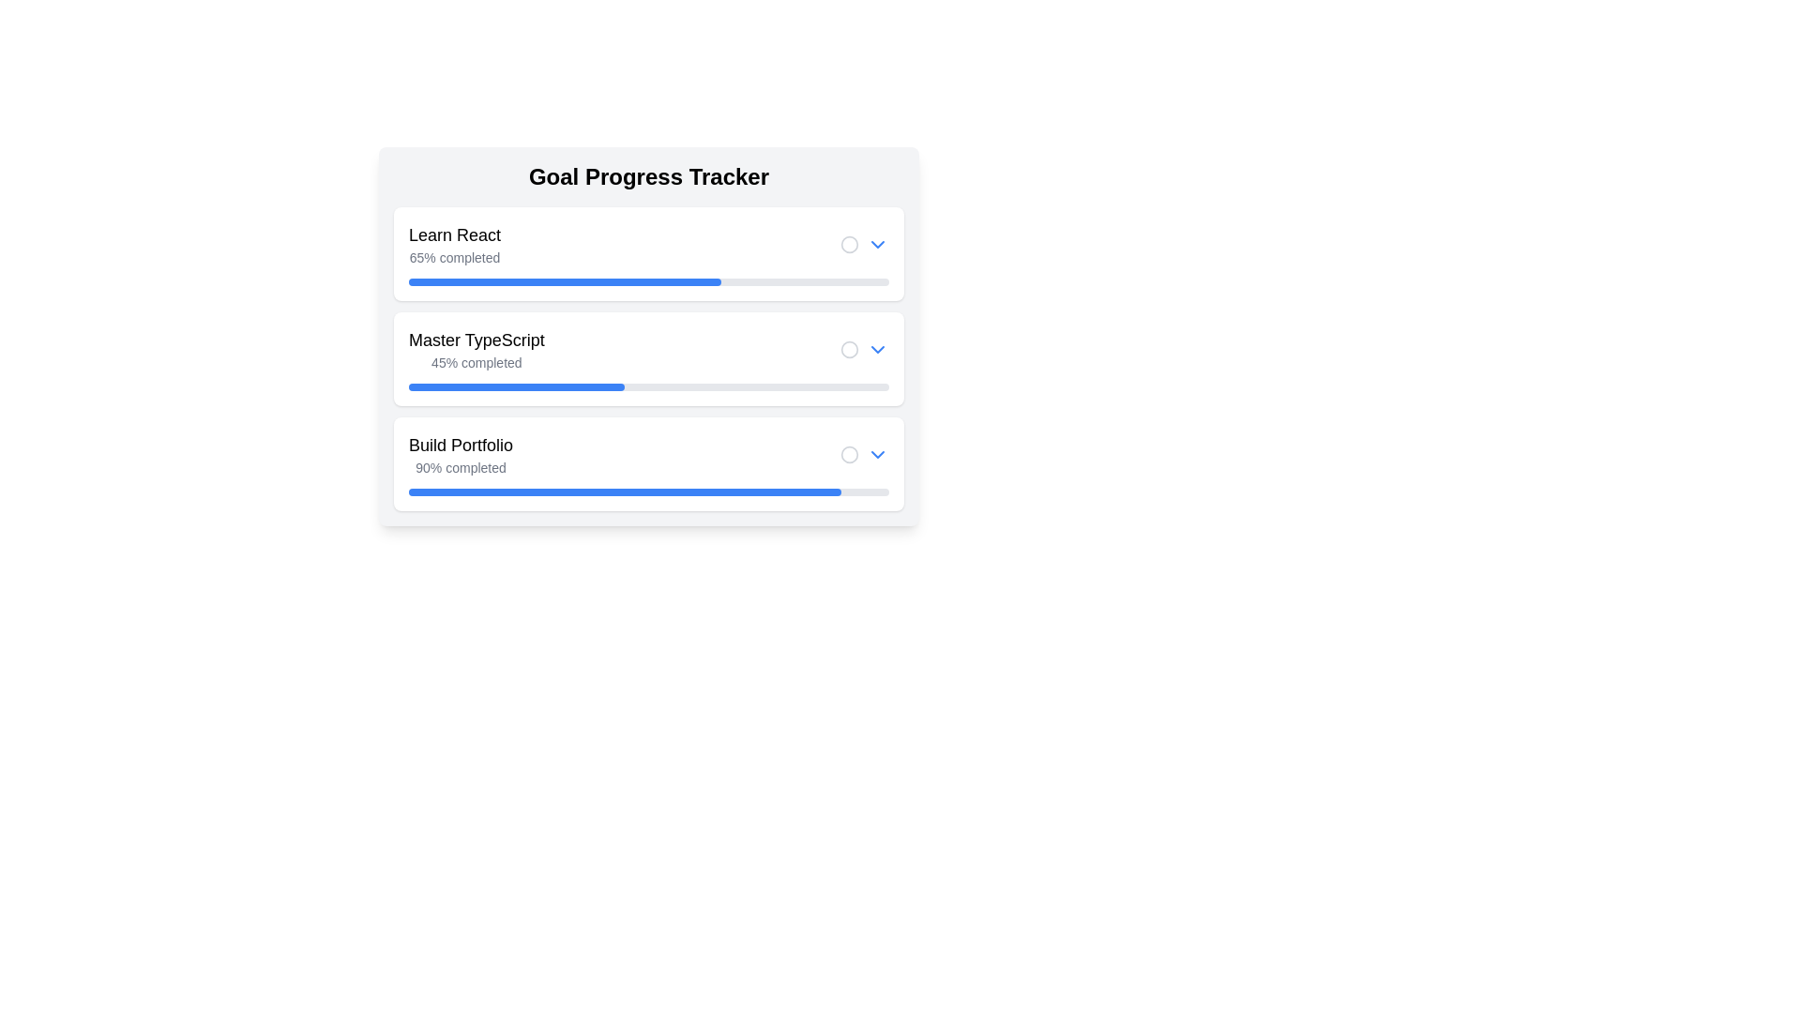  I want to click on the text label serving as a header for the goal tracker related to building a portfolio, positioned at the left side of the third progress card, above the progress text '90% completed', so click(461, 445).